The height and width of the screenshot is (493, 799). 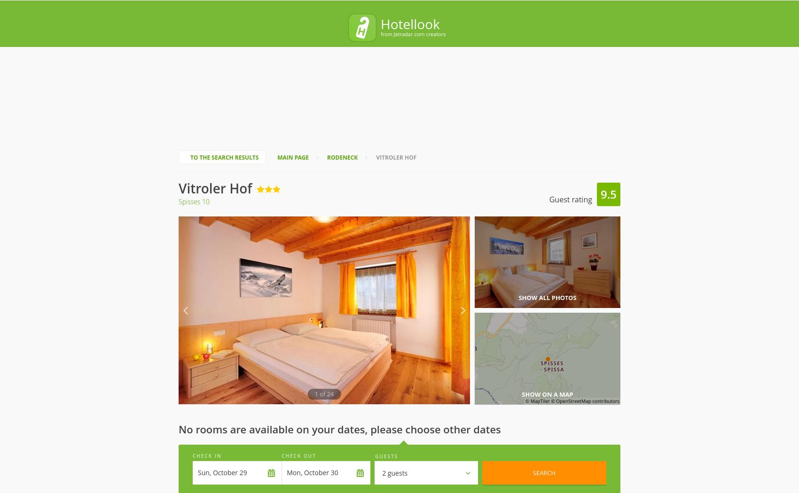 I want to click on 'Booking.com', so click(x=511, y=442).